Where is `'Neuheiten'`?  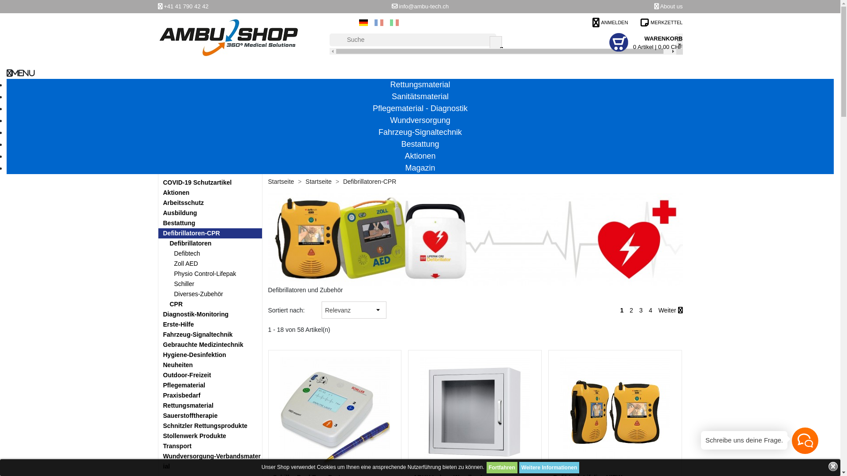 'Neuheiten' is located at coordinates (209, 364).